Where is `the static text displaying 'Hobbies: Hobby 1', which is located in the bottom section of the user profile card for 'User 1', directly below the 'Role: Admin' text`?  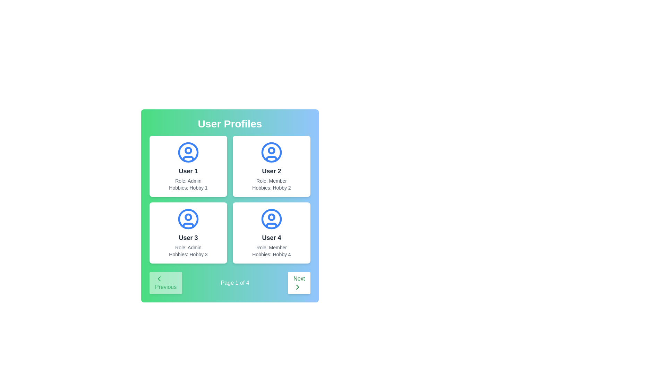
the static text displaying 'Hobbies: Hobby 1', which is located in the bottom section of the user profile card for 'User 1', directly below the 'Role: Admin' text is located at coordinates (188, 187).